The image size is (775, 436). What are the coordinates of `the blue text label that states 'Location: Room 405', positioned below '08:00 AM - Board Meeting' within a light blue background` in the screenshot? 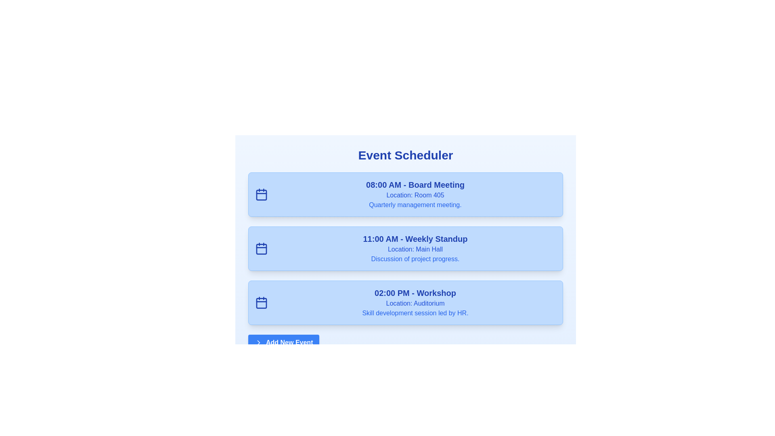 It's located at (415, 195).